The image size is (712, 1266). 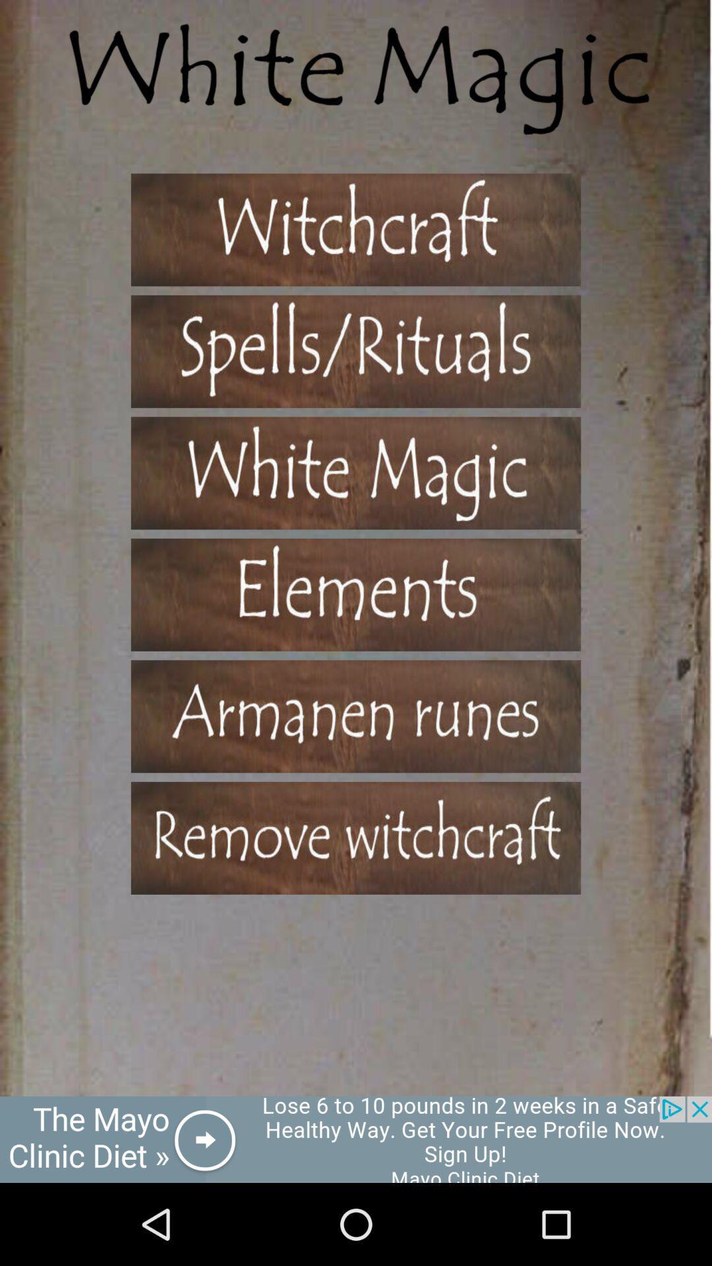 I want to click on remove witchcraft, so click(x=356, y=837).